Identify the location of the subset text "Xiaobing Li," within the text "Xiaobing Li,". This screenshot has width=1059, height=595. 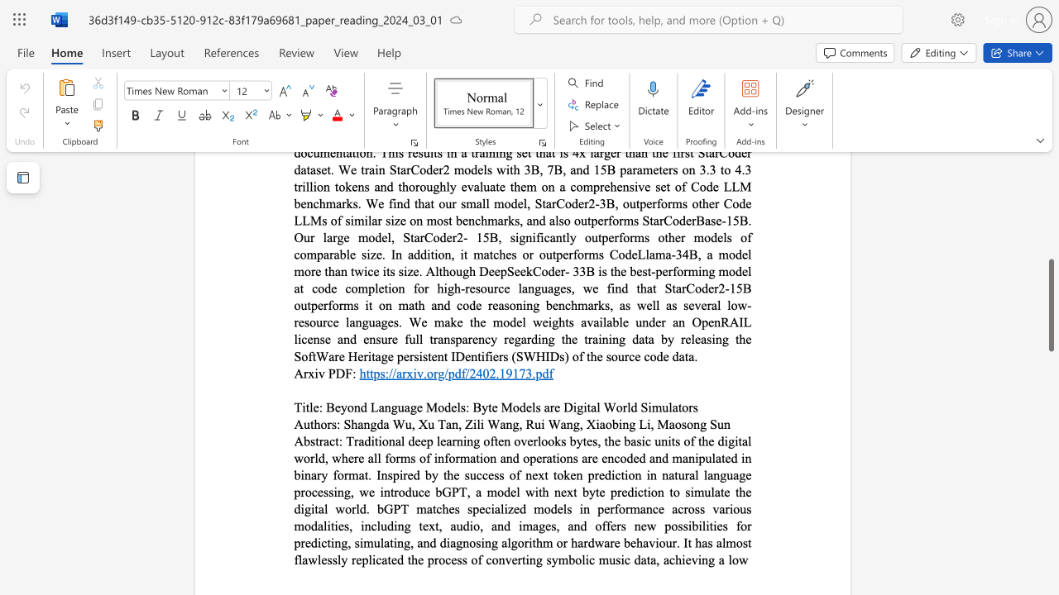
(586, 423).